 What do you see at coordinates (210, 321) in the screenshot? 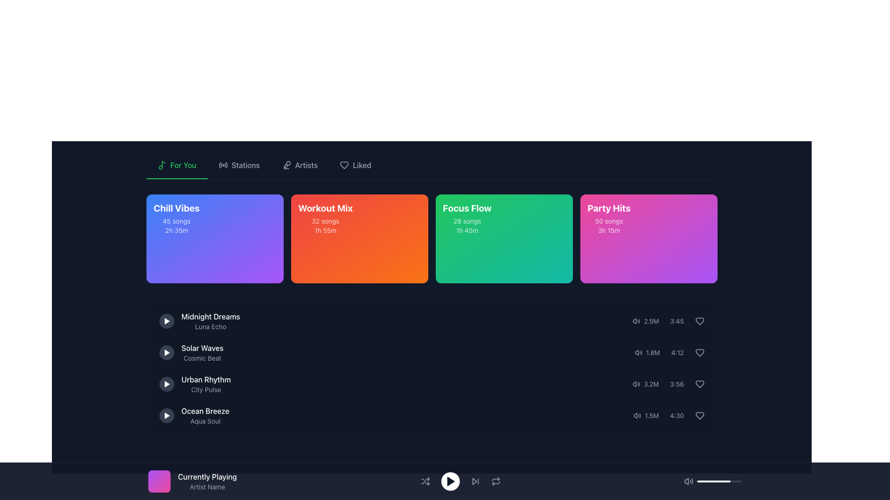
I see `the text label that reads 'Midnight Dreams' in white and 'Luna Echo' in gray, located to the right of a circular play button` at bounding box center [210, 321].